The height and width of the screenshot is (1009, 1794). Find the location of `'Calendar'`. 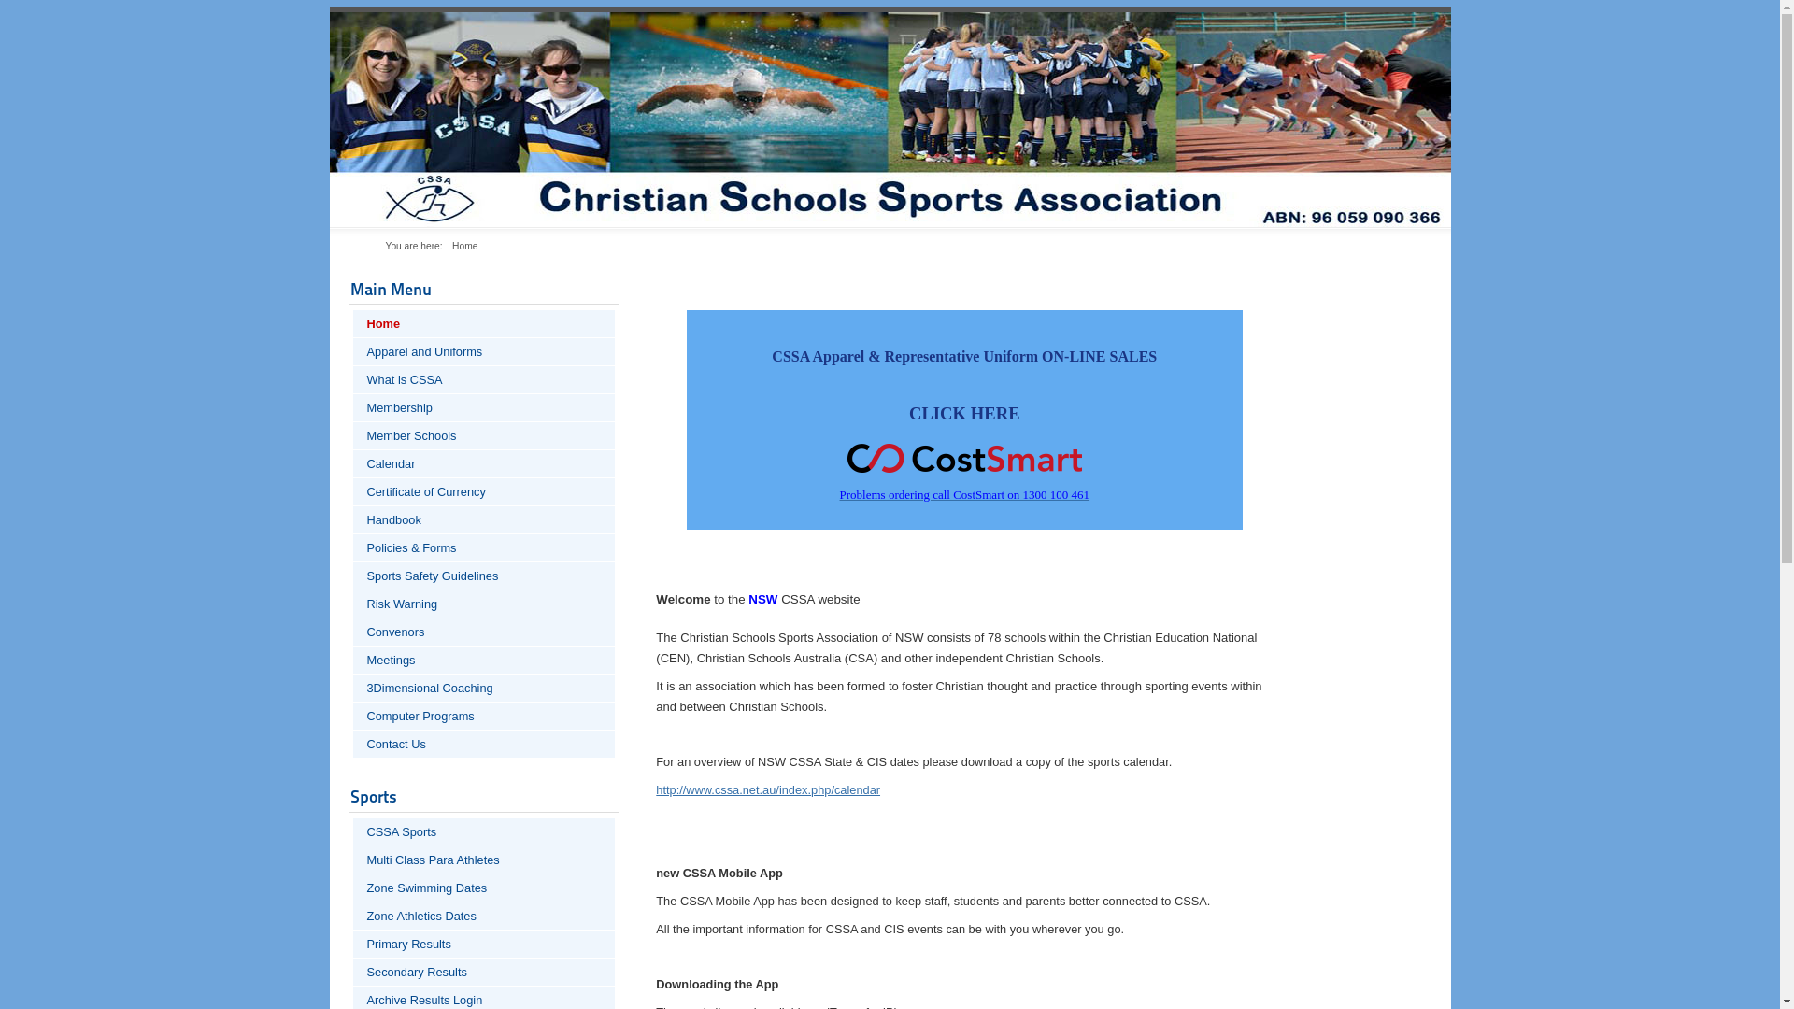

'Calendar' is located at coordinates (484, 462).